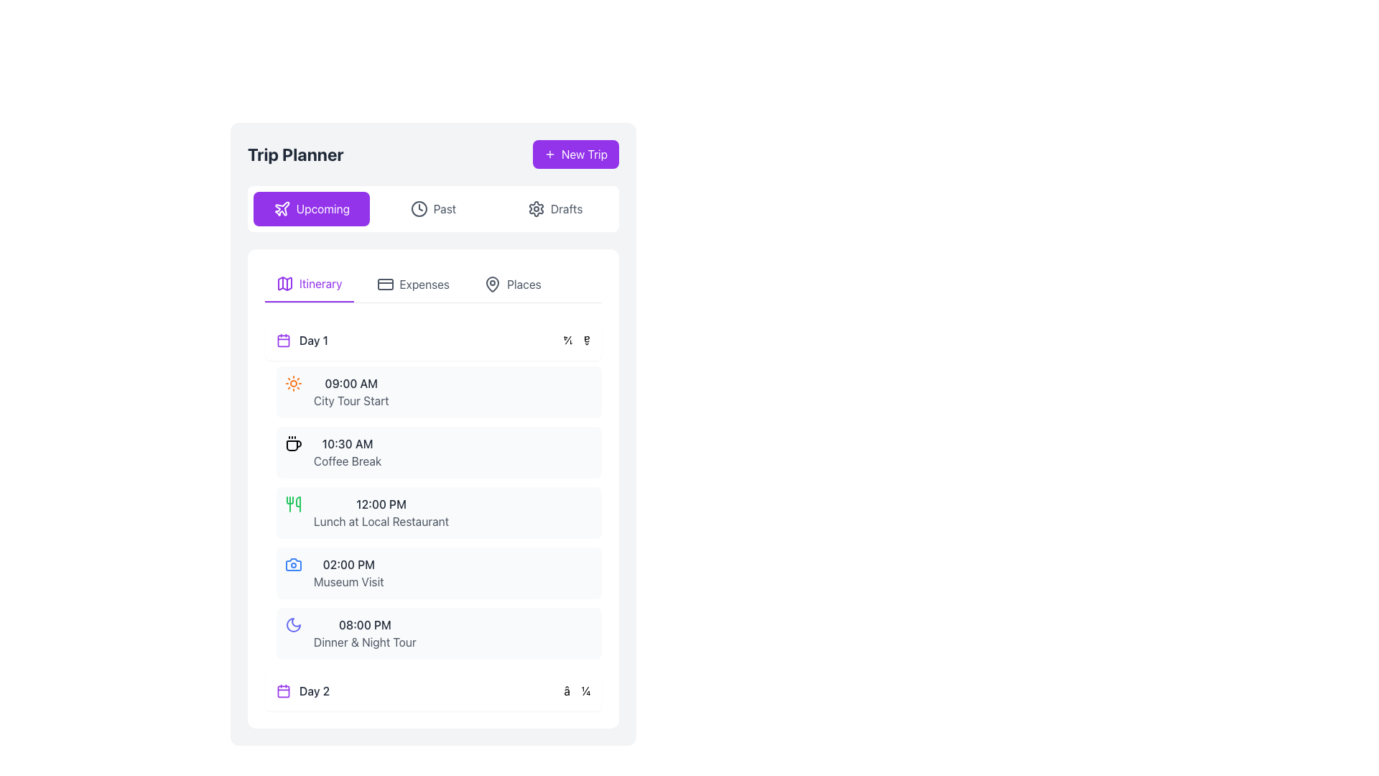 This screenshot has height=776, width=1379. Describe the element at coordinates (282, 208) in the screenshot. I see `the plane-shaped vector icon within the 'Upcoming' button, which is depicted with a simplistic outline on a purple background` at that location.